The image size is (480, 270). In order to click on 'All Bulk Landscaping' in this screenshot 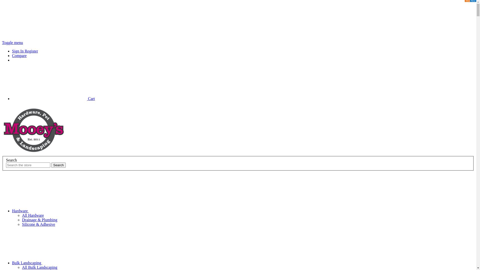, I will do `click(39, 267)`.